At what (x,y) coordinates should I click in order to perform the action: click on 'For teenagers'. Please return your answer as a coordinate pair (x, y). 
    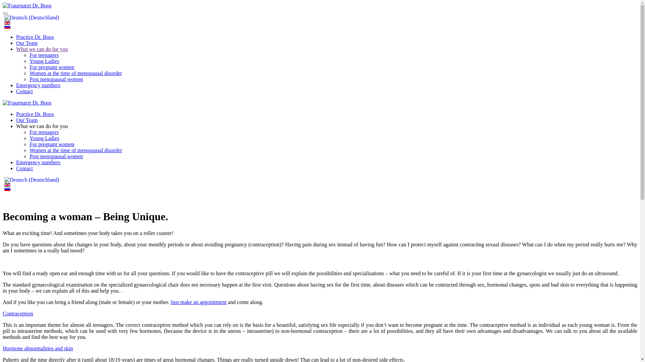
    Looking at the image, I should click on (44, 55).